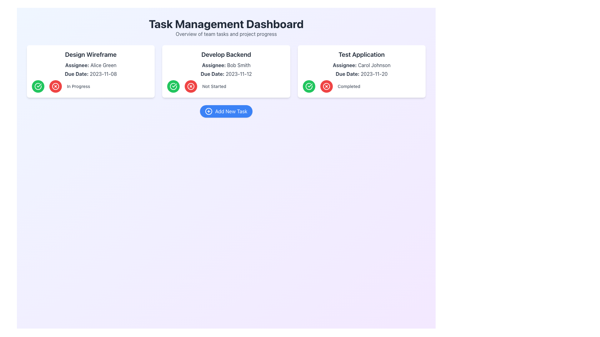 This screenshot has width=600, height=337. I want to click on the circular red button with a white cross icon inside it, located in the 'Design Wireframe' task card under the 'In Progress' label, so click(55, 86).